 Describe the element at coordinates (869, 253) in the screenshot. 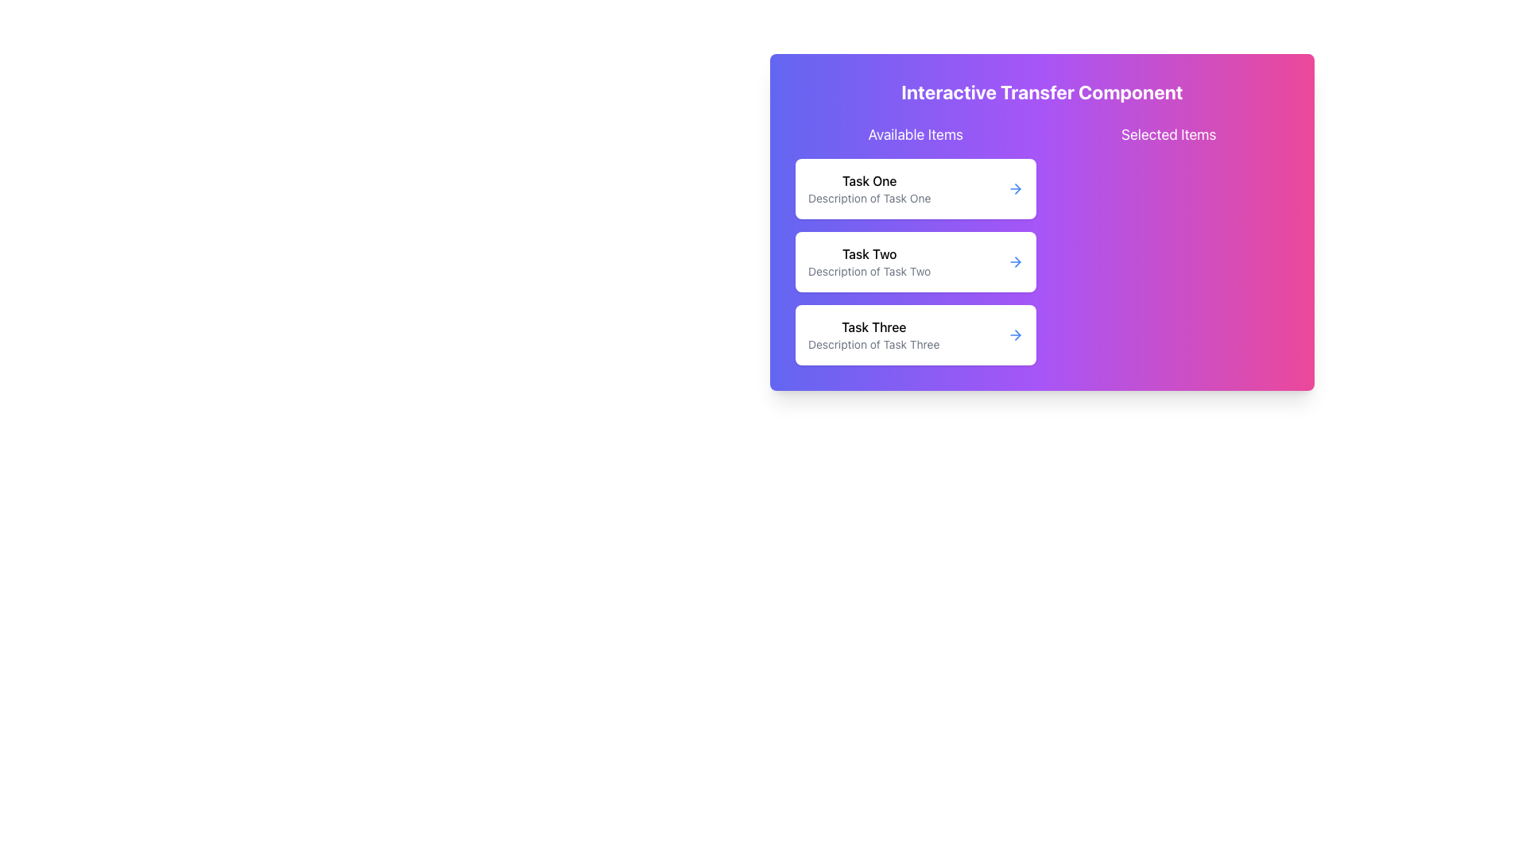

I see `the text label 'Task Two', which is the second task title in the 'Available Items' section, visually distinct with a medium font weight and larger size` at that location.